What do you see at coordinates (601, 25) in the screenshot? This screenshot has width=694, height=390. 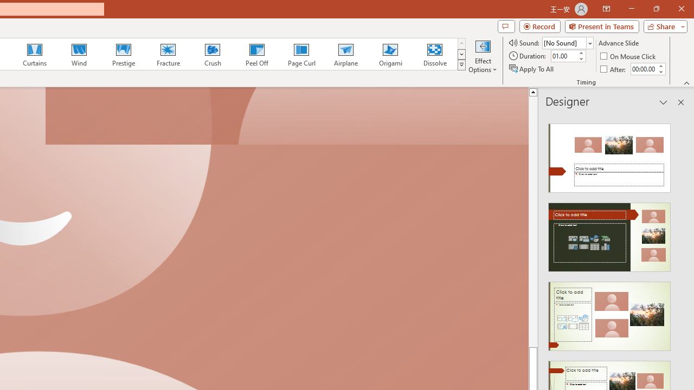 I see `'Present in Teams'` at bounding box center [601, 25].